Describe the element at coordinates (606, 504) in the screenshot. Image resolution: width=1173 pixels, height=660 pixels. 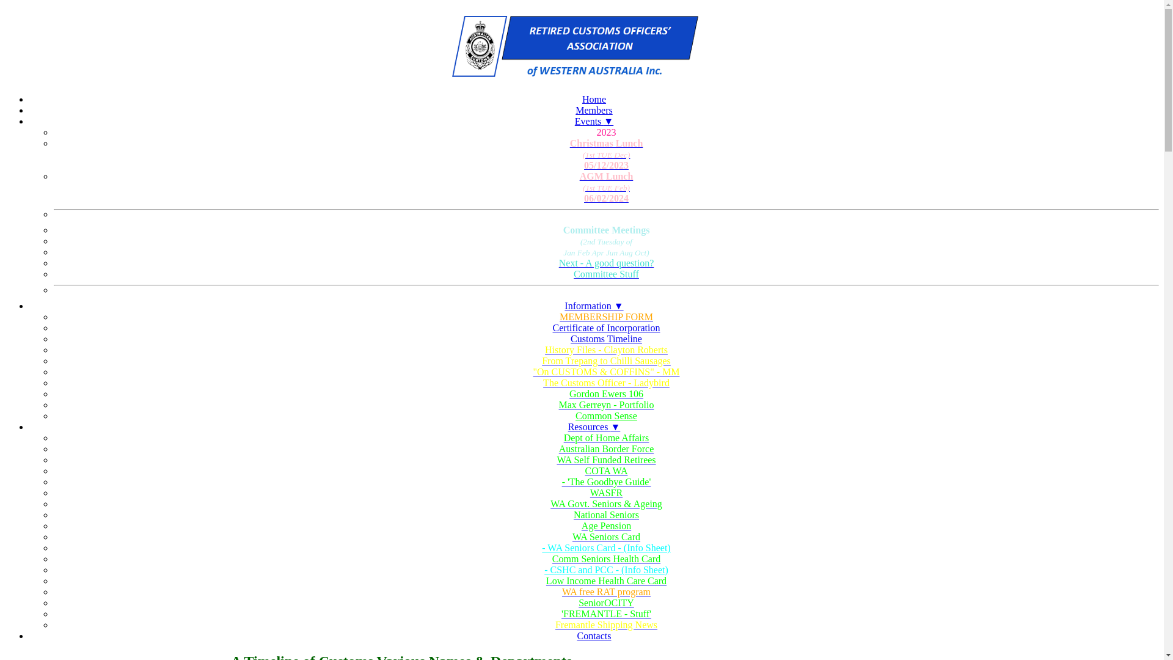
I see `'WA Govt. Seniors & Ageing'` at that location.